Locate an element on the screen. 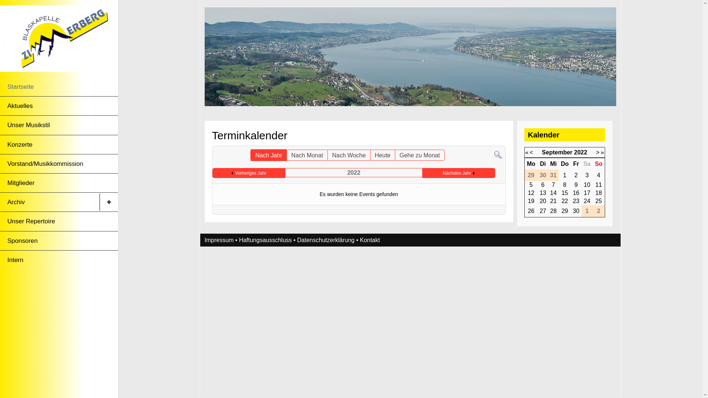  '21' is located at coordinates (550, 201).